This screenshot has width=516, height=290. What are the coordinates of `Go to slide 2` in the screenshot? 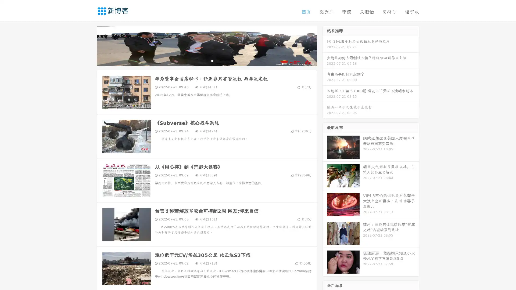 It's located at (206, 60).